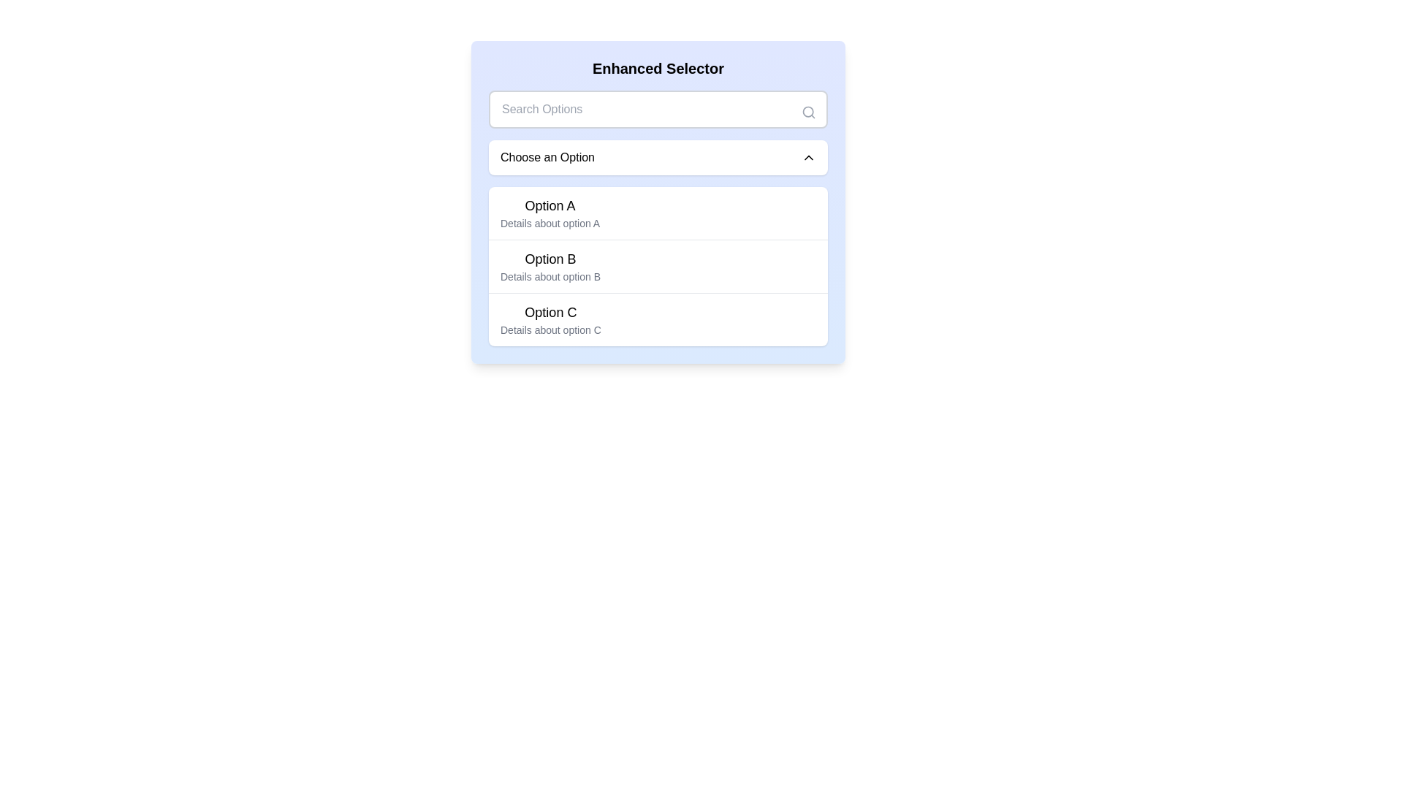 The image size is (1403, 789). What do you see at coordinates (550, 223) in the screenshot?
I see `the text label displaying 'Details about option A', which is positioned below the title 'Option A' in the option card` at bounding box center [550, 223].